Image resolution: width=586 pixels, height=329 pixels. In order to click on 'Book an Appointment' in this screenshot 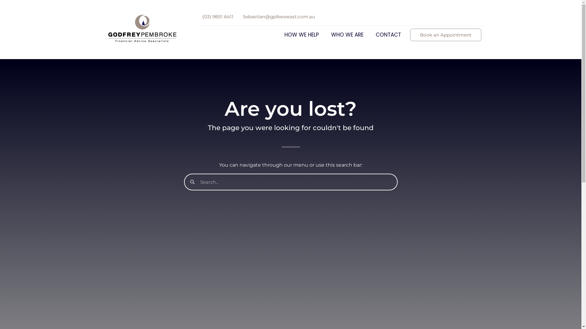, I will do `click(445, 35)`.